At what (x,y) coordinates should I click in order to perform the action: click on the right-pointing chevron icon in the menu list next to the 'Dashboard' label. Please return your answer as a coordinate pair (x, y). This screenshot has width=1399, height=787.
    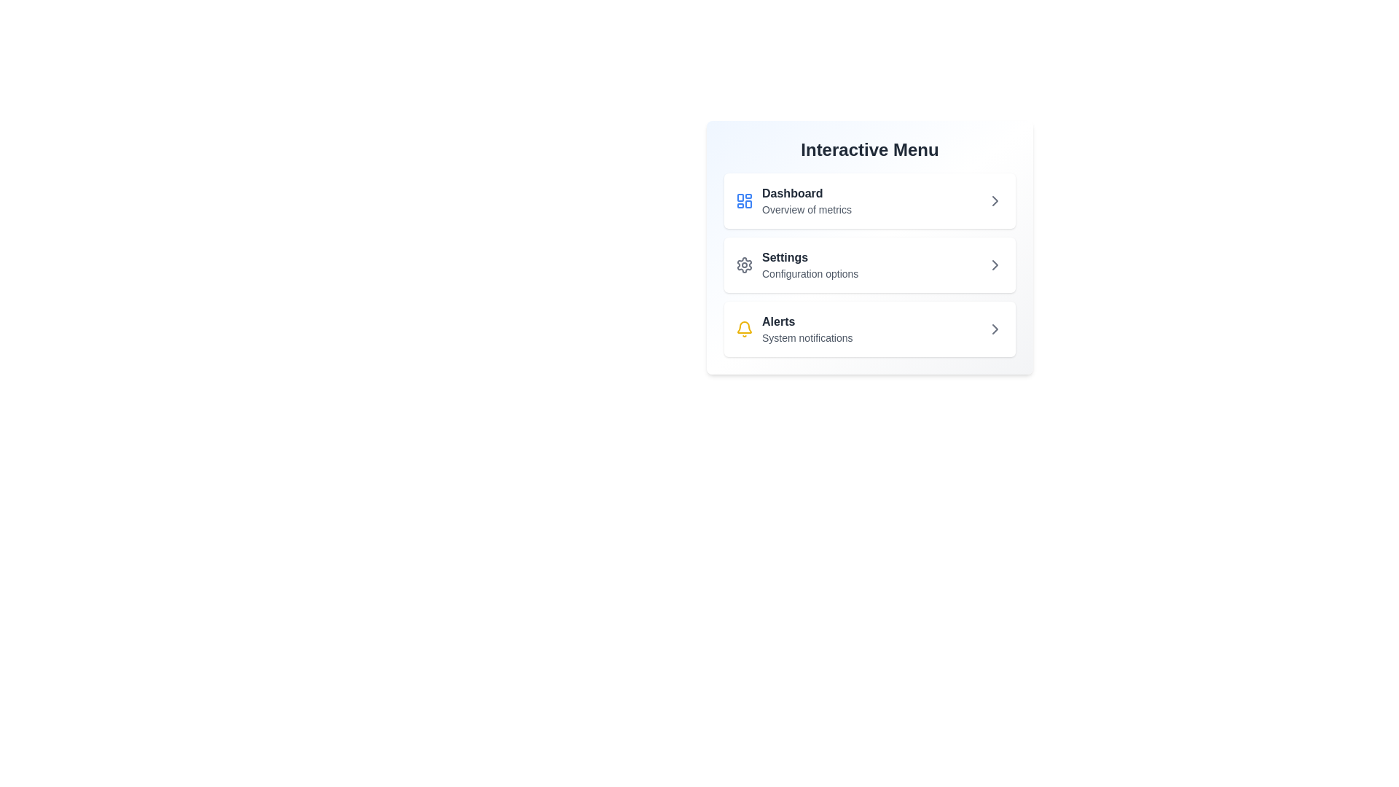
    Looking at the image, I should click on (995, 201).